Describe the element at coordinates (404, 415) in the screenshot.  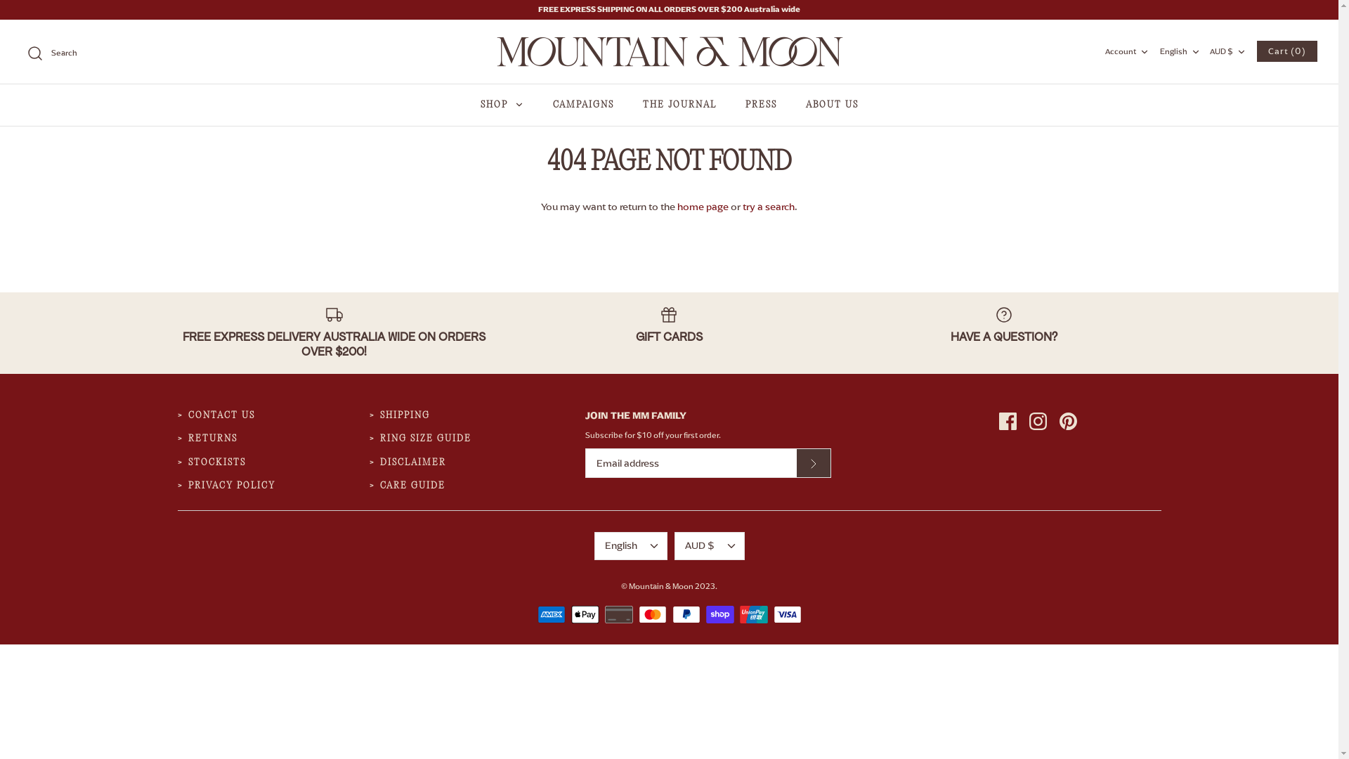
I see `'SHIPPING'` at that location.